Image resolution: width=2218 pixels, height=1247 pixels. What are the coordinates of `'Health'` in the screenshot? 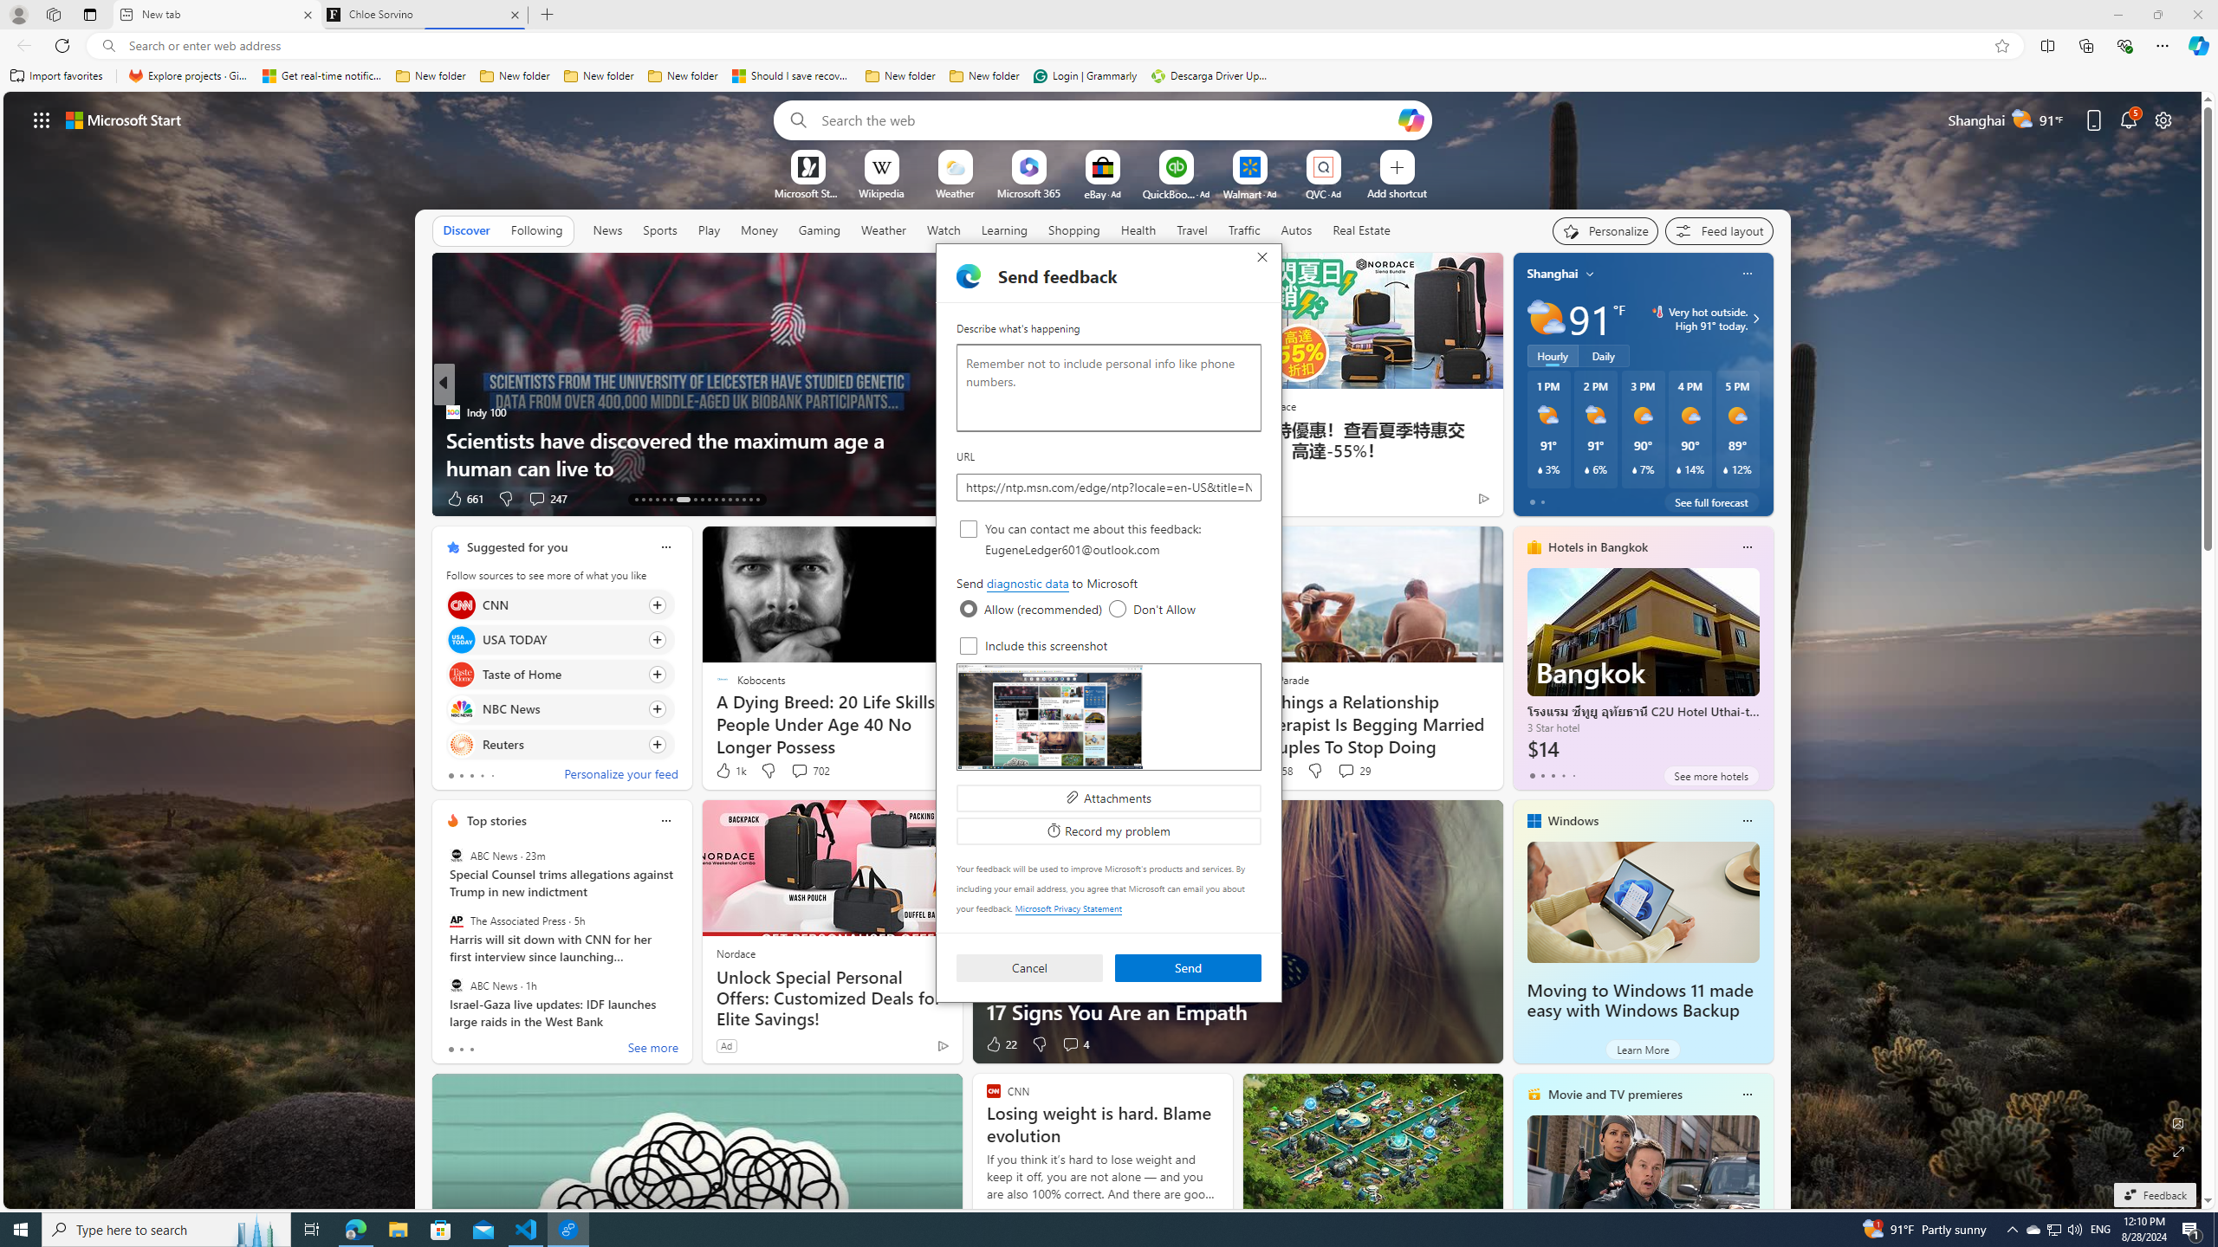 It's located at (1137, 229).